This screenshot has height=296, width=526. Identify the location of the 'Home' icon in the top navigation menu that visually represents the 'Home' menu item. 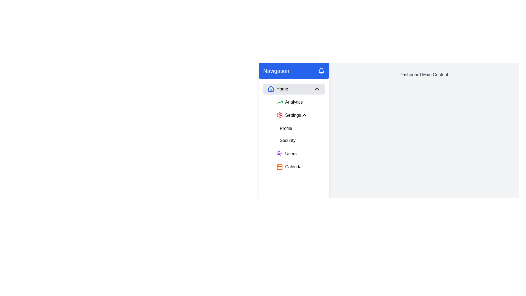
(271, 89).